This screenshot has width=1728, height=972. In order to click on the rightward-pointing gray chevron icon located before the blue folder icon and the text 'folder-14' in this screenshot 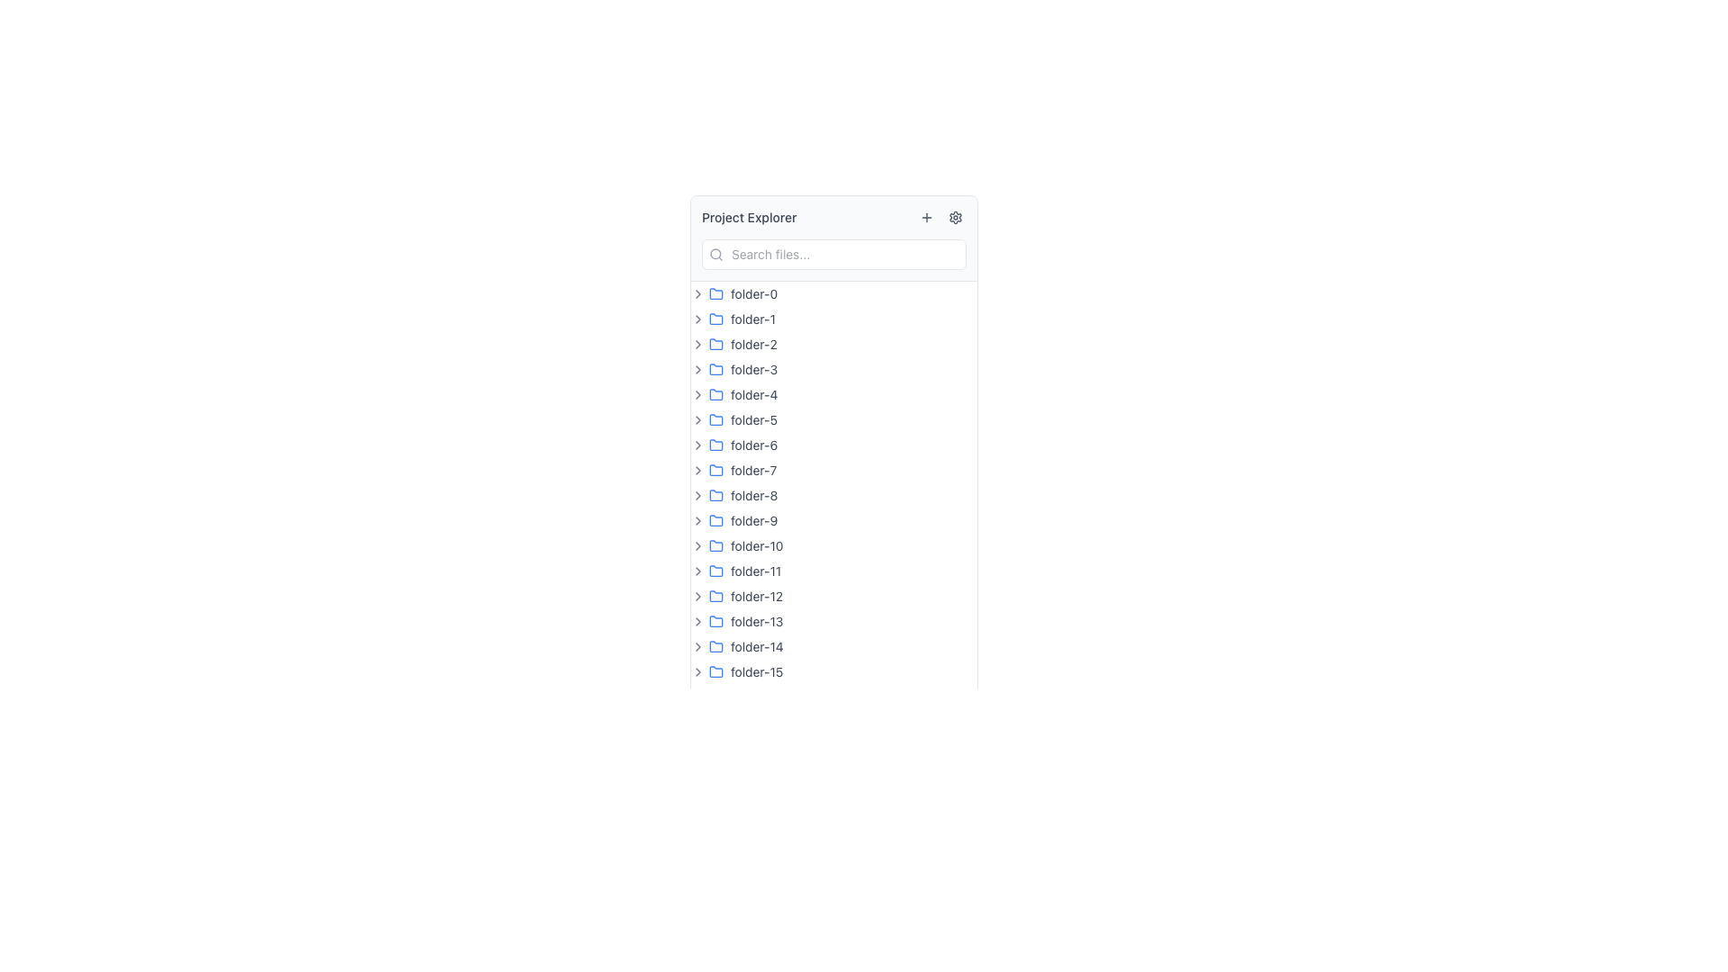, I will do `click(697, 645)`.